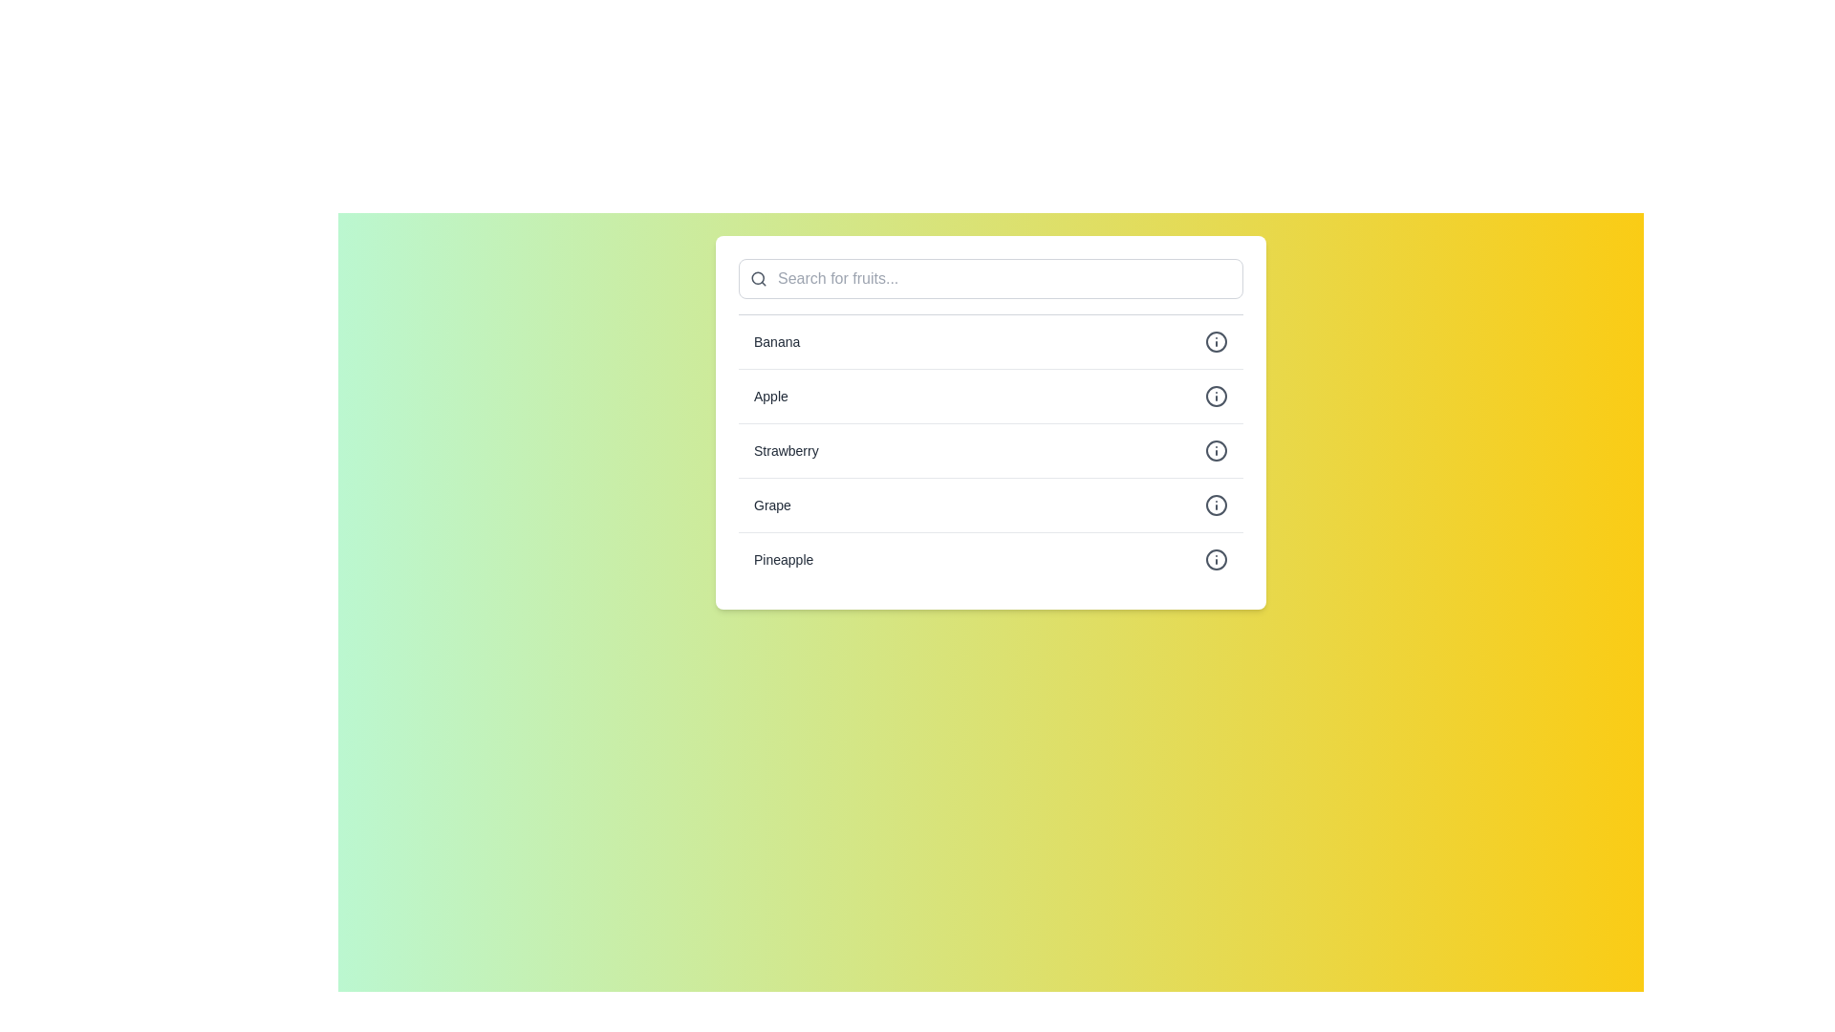 This screenshot has width=1835, height=1032. What do you see at coordinates (990, 504) in the screenshot?
I see `the list item row displaying 'Grape'` at bounding box center [990, 504].